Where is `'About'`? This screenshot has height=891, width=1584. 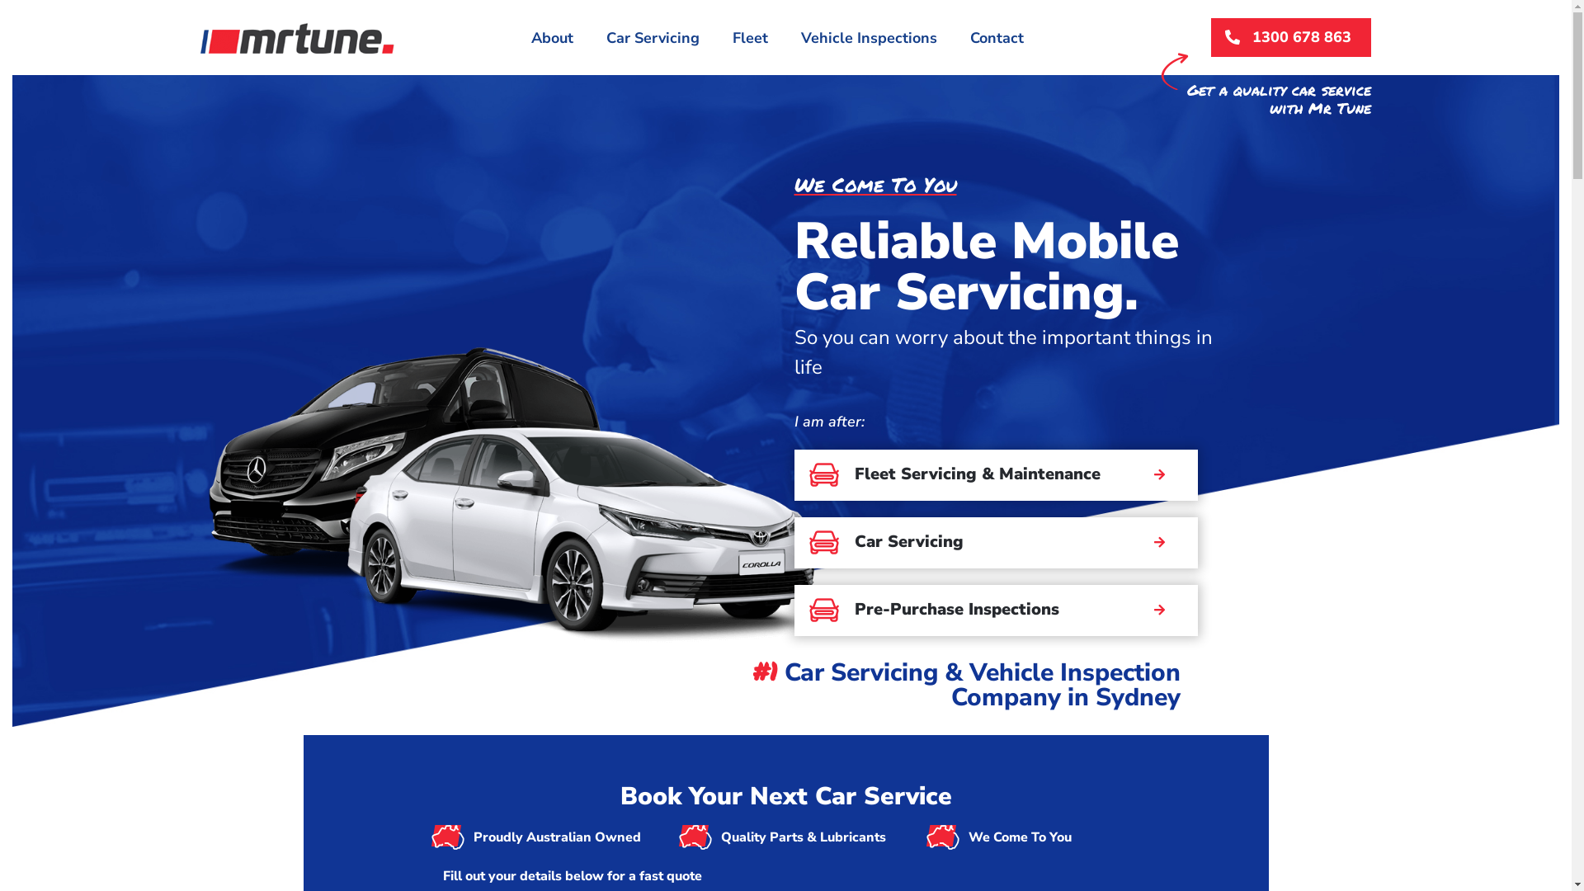
'About' is located at coordinates (552, 37).